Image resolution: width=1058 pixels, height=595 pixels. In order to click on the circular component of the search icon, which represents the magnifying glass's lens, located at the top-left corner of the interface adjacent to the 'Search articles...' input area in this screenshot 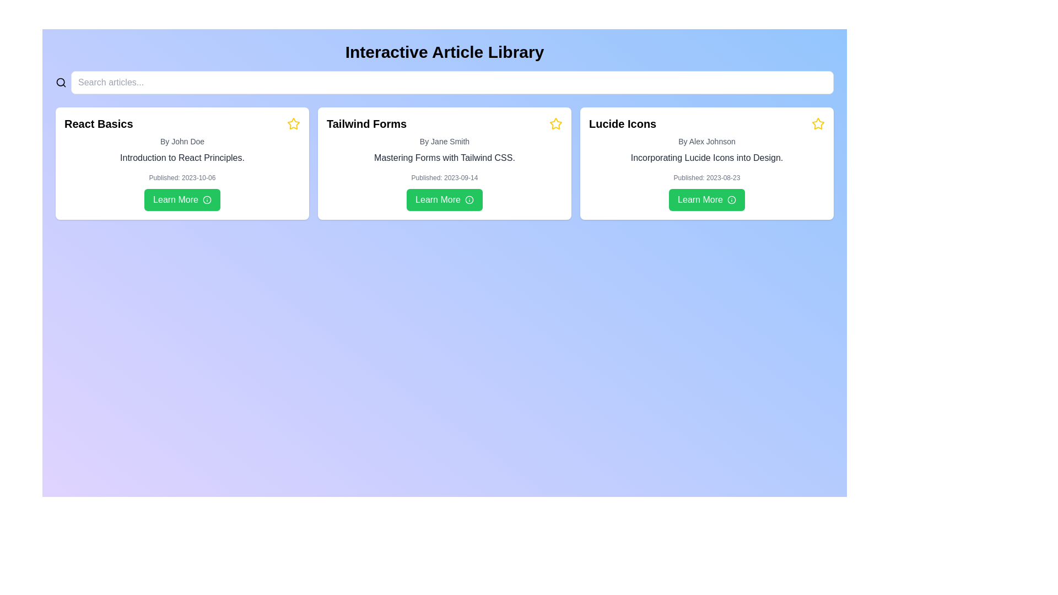, I will do `click(60, 82)`.